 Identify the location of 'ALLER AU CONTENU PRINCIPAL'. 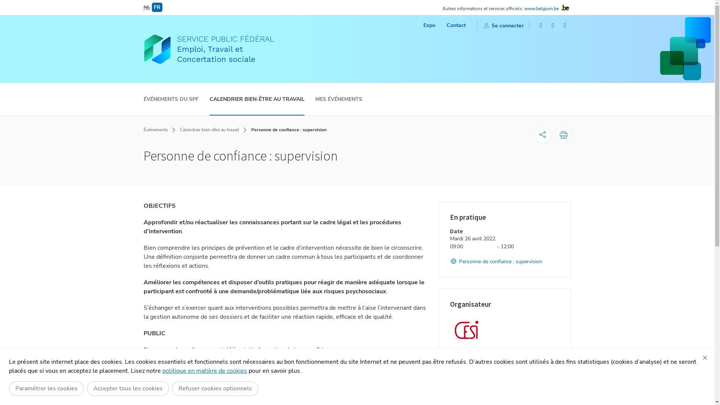
(356, 4).